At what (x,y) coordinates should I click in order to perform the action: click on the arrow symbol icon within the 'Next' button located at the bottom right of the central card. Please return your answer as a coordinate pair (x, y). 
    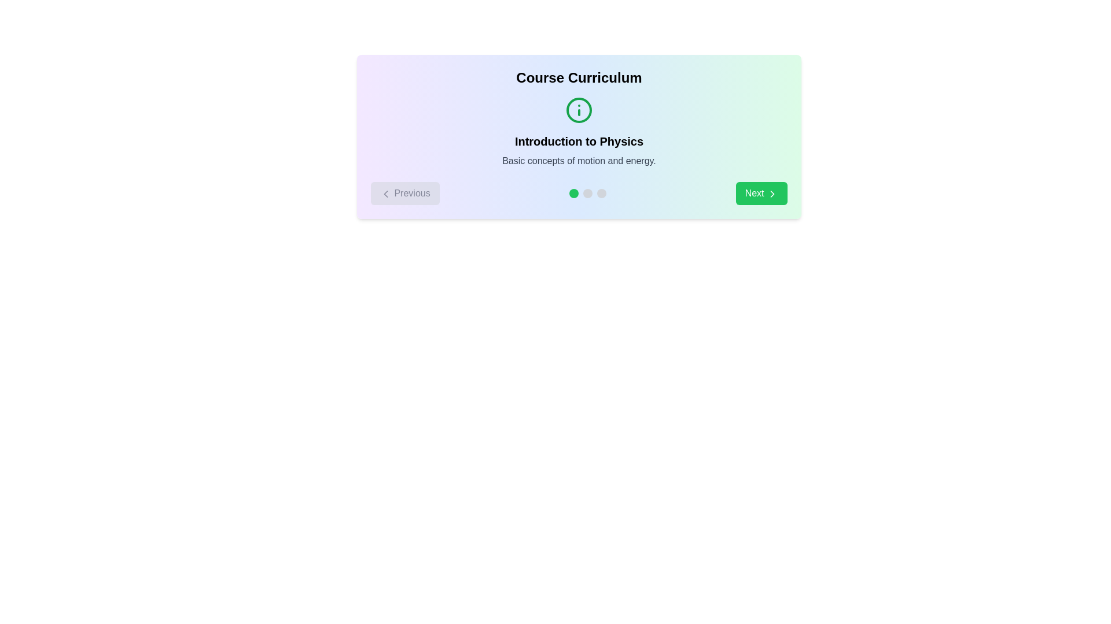
    Looking at the image, I should click on (772, 193).